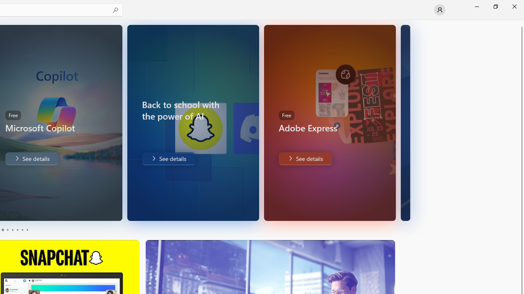 The width and height of the screenshot is (524, 294). What do you see at coordinates (439, 10) in the screenshot?
I see `'User profile'` at bounding box center [439, 10].